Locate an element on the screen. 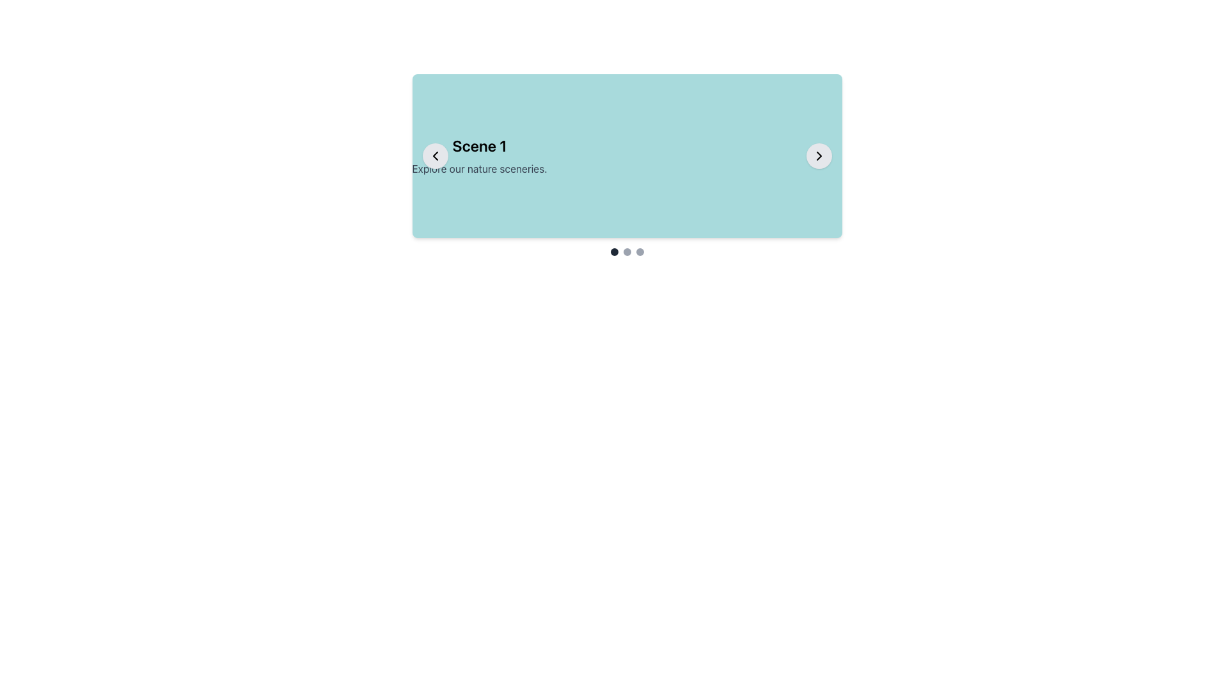 This screenshot has height=691, width=1228. the rightward-pointing chevron arrow icon located in the upper right corner of the turquoise card is located at coordinates (819, 155).